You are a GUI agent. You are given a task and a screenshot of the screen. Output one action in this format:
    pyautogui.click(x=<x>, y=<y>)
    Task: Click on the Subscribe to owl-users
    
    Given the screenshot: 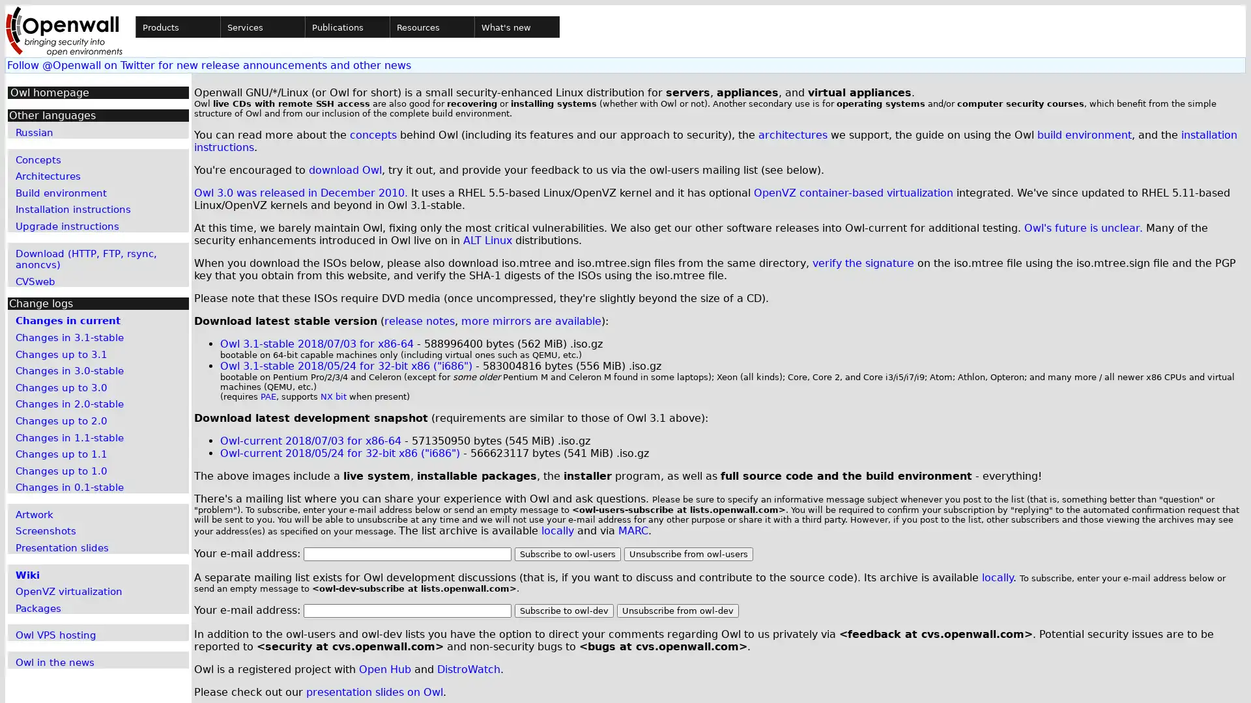 What is the action you would take?
    pyautogui.click(x=567, y=554)
    